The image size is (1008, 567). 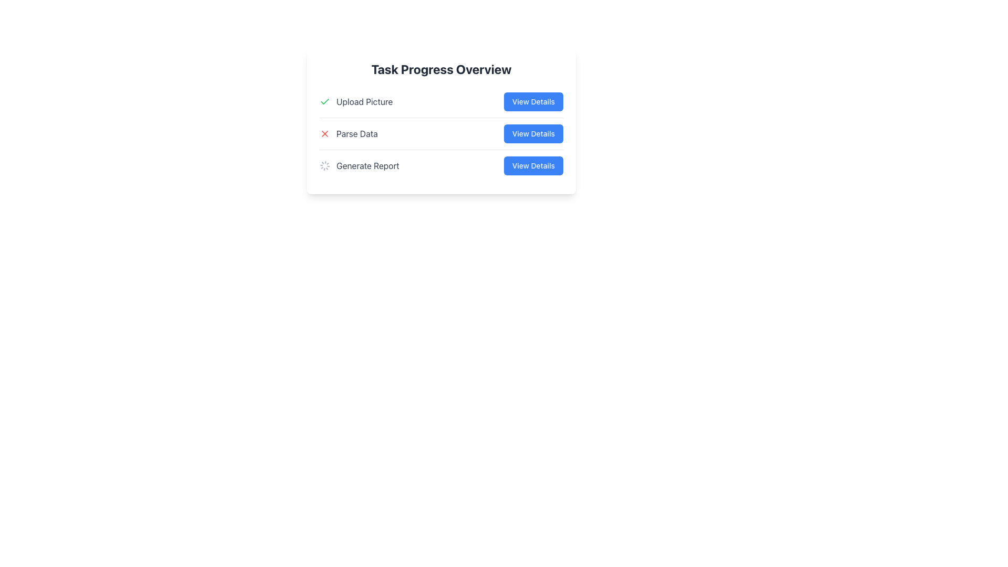 I want to click on the 'View Details' button with a blue background and white text located at the end of the 'Upload Picture' row, so click(x=533, y=101).